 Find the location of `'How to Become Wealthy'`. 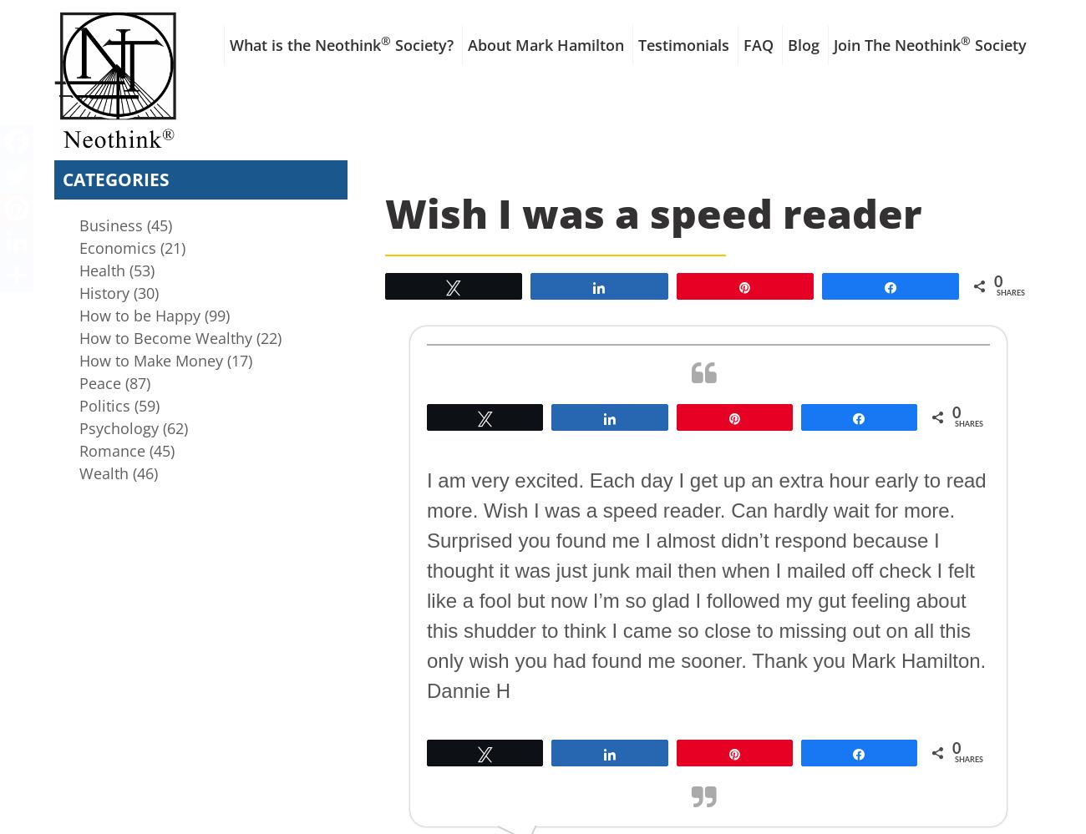

'How to Become Wealthy' is located at coordinates (79, 336).